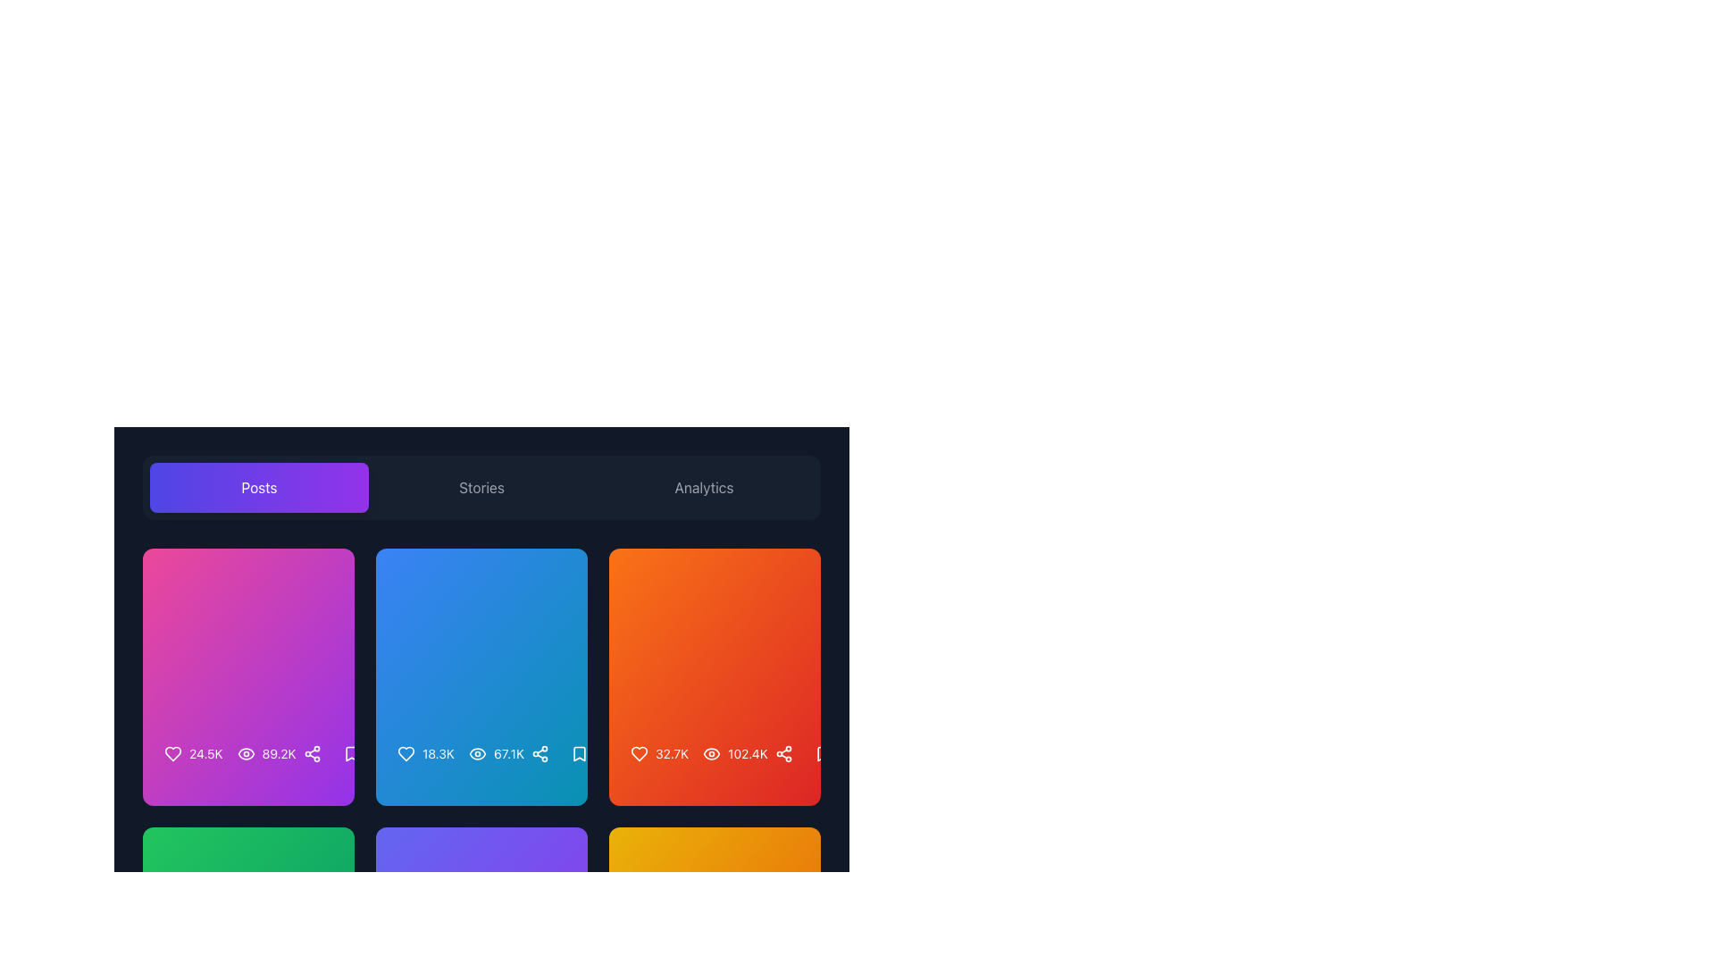 The image size is (1715, 965). What do you see at coordinates (438, 754) in the screenshot?
I see `the static label displaying the number '18.3K' in white color, which is positioned immediately to the right of a heart-shaped icon` at bounding box center [438, 754].